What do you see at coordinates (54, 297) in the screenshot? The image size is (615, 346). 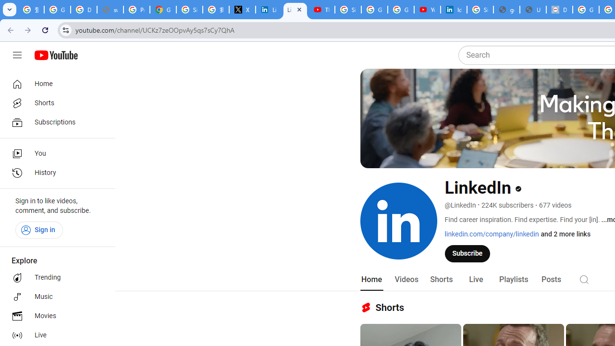 I see `'Music'` at bounding box center [54, 297].